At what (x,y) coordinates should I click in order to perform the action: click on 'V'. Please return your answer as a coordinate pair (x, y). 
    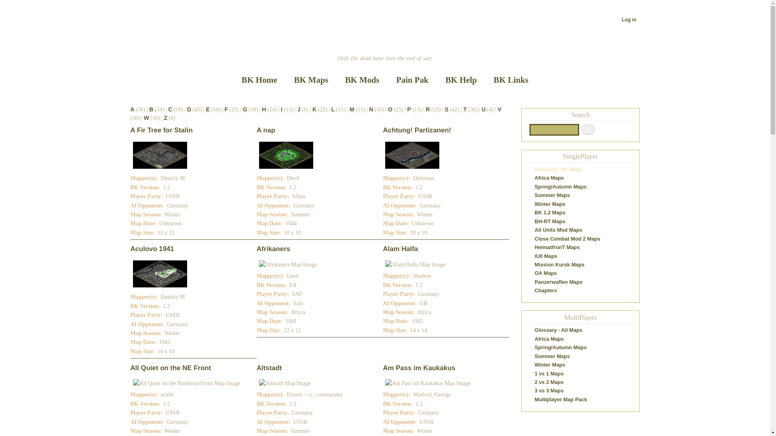
    Looking at the image, I should click on (497, 109).